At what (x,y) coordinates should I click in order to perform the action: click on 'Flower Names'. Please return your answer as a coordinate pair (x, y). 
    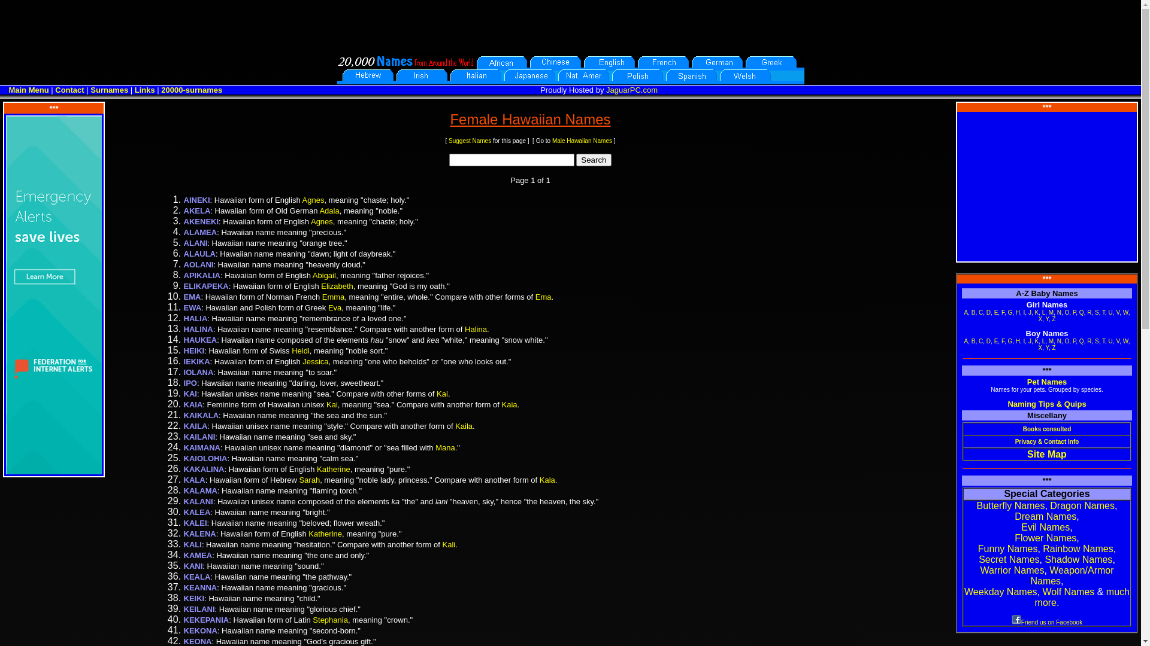
    Looking at the image, I should click on (1045, 537).